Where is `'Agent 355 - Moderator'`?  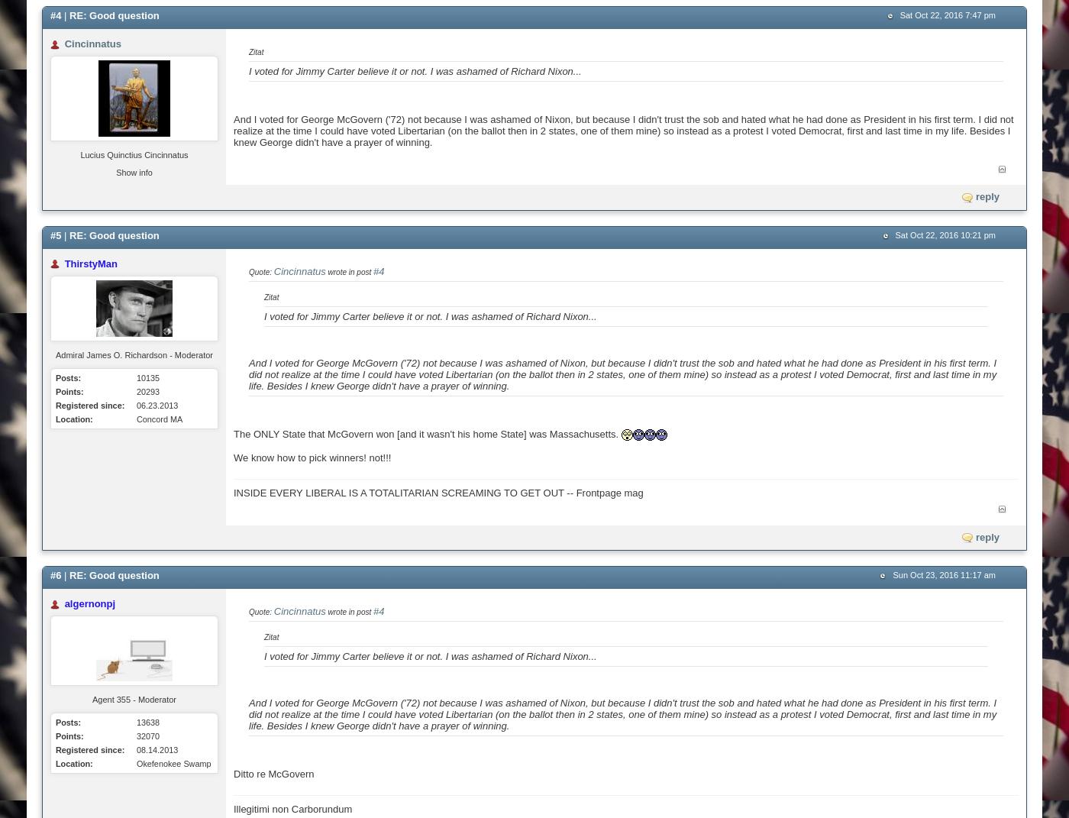
'Agent 355 - Moderator' is located at coordinates (134, 700).